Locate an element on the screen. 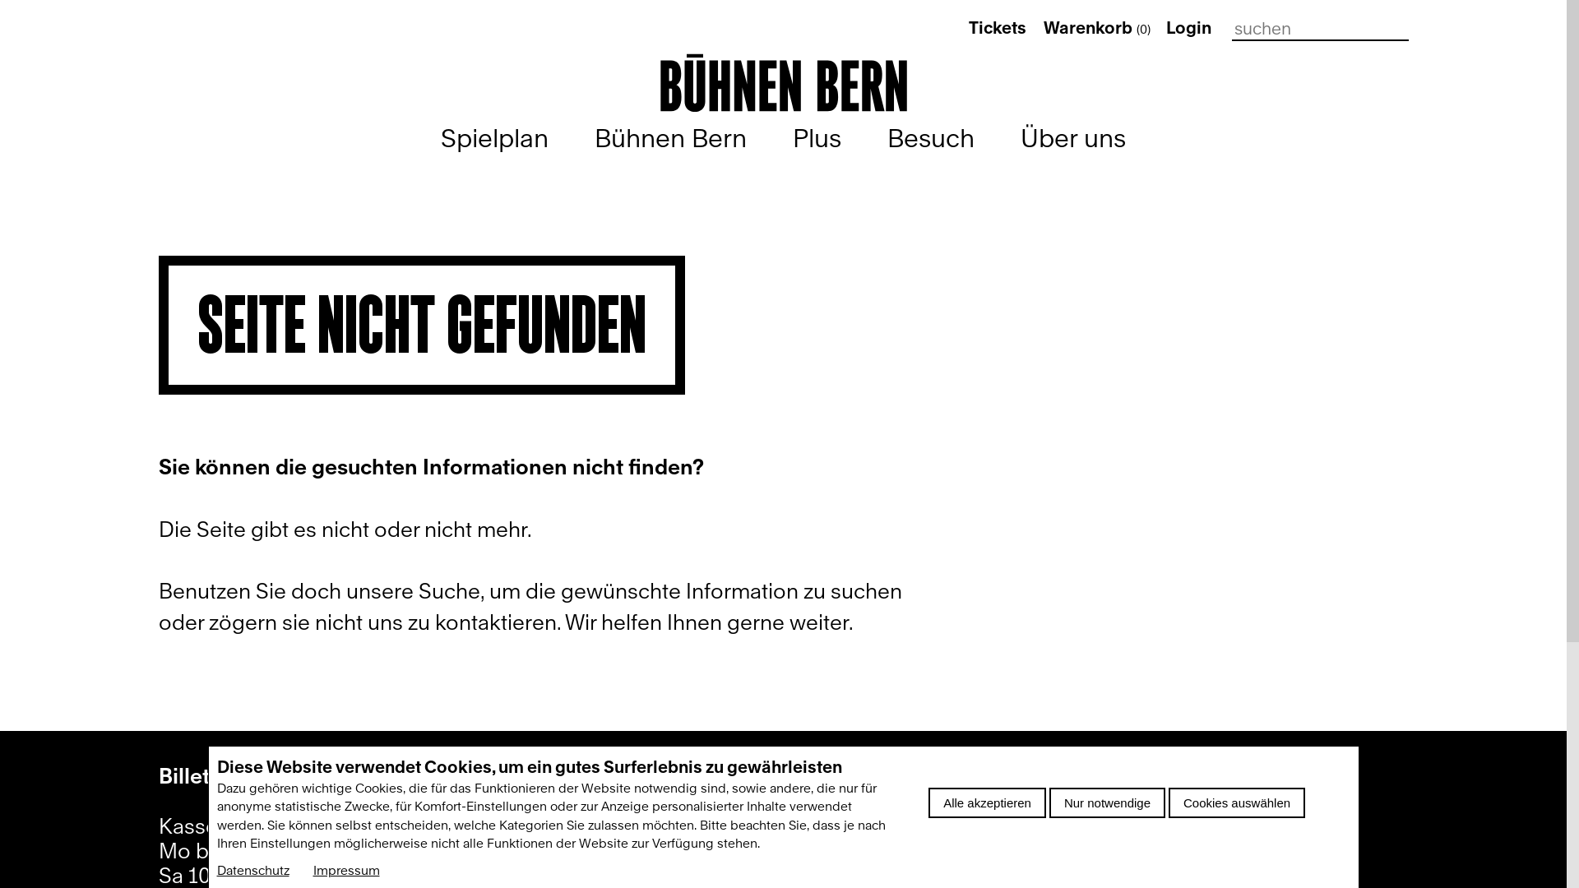 This screenshot has width=1579, height=888. 'Nur notwendige' is located at coordinates (1049, 802).